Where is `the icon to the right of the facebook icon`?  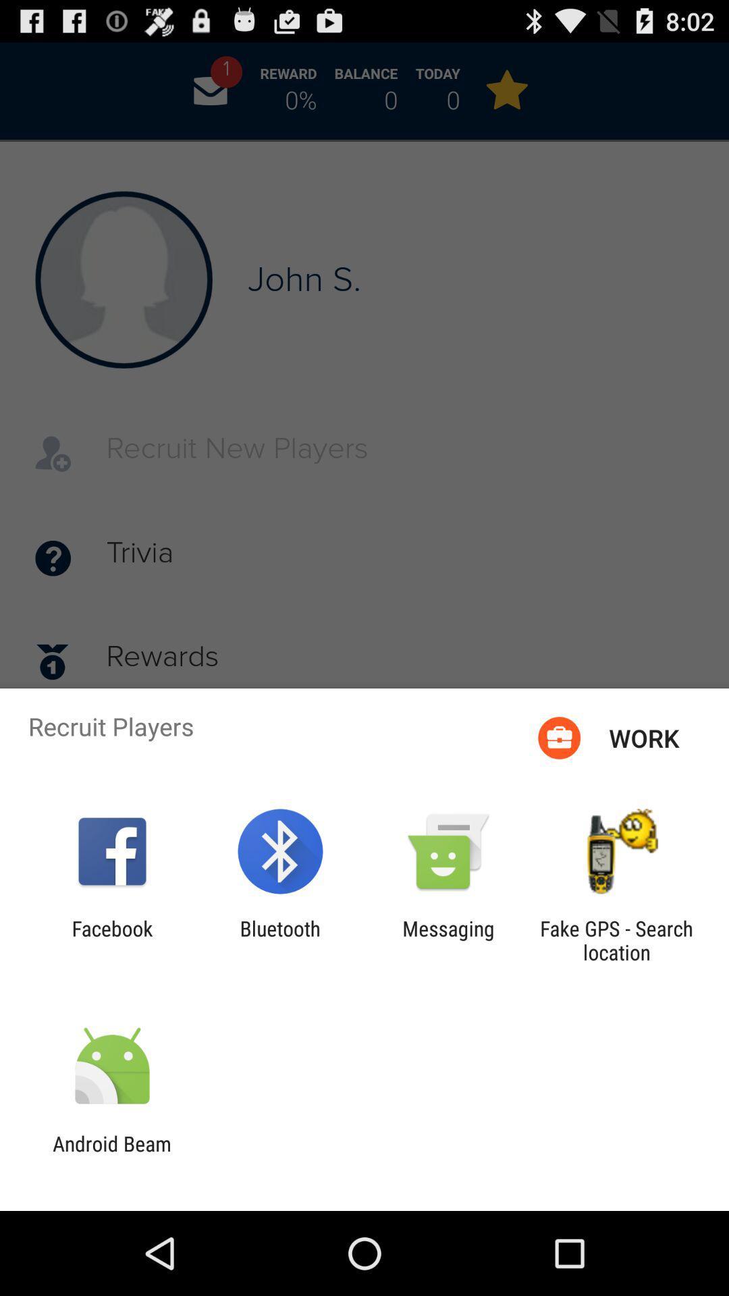
the icon to the right of the facebook icon is located at coordinates (279, 940).